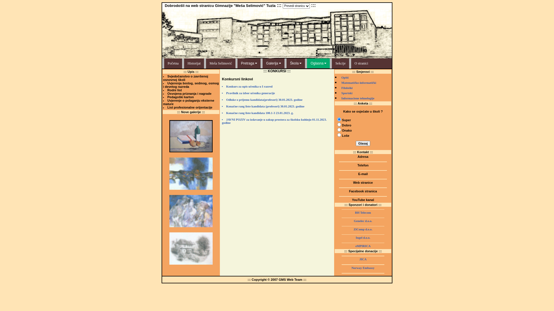 This screenshot has height=311, width=554. What do you see at coordinates (360, 63) in the screenshot?
I see `'O stranici'` at bounding box center [360, 63].